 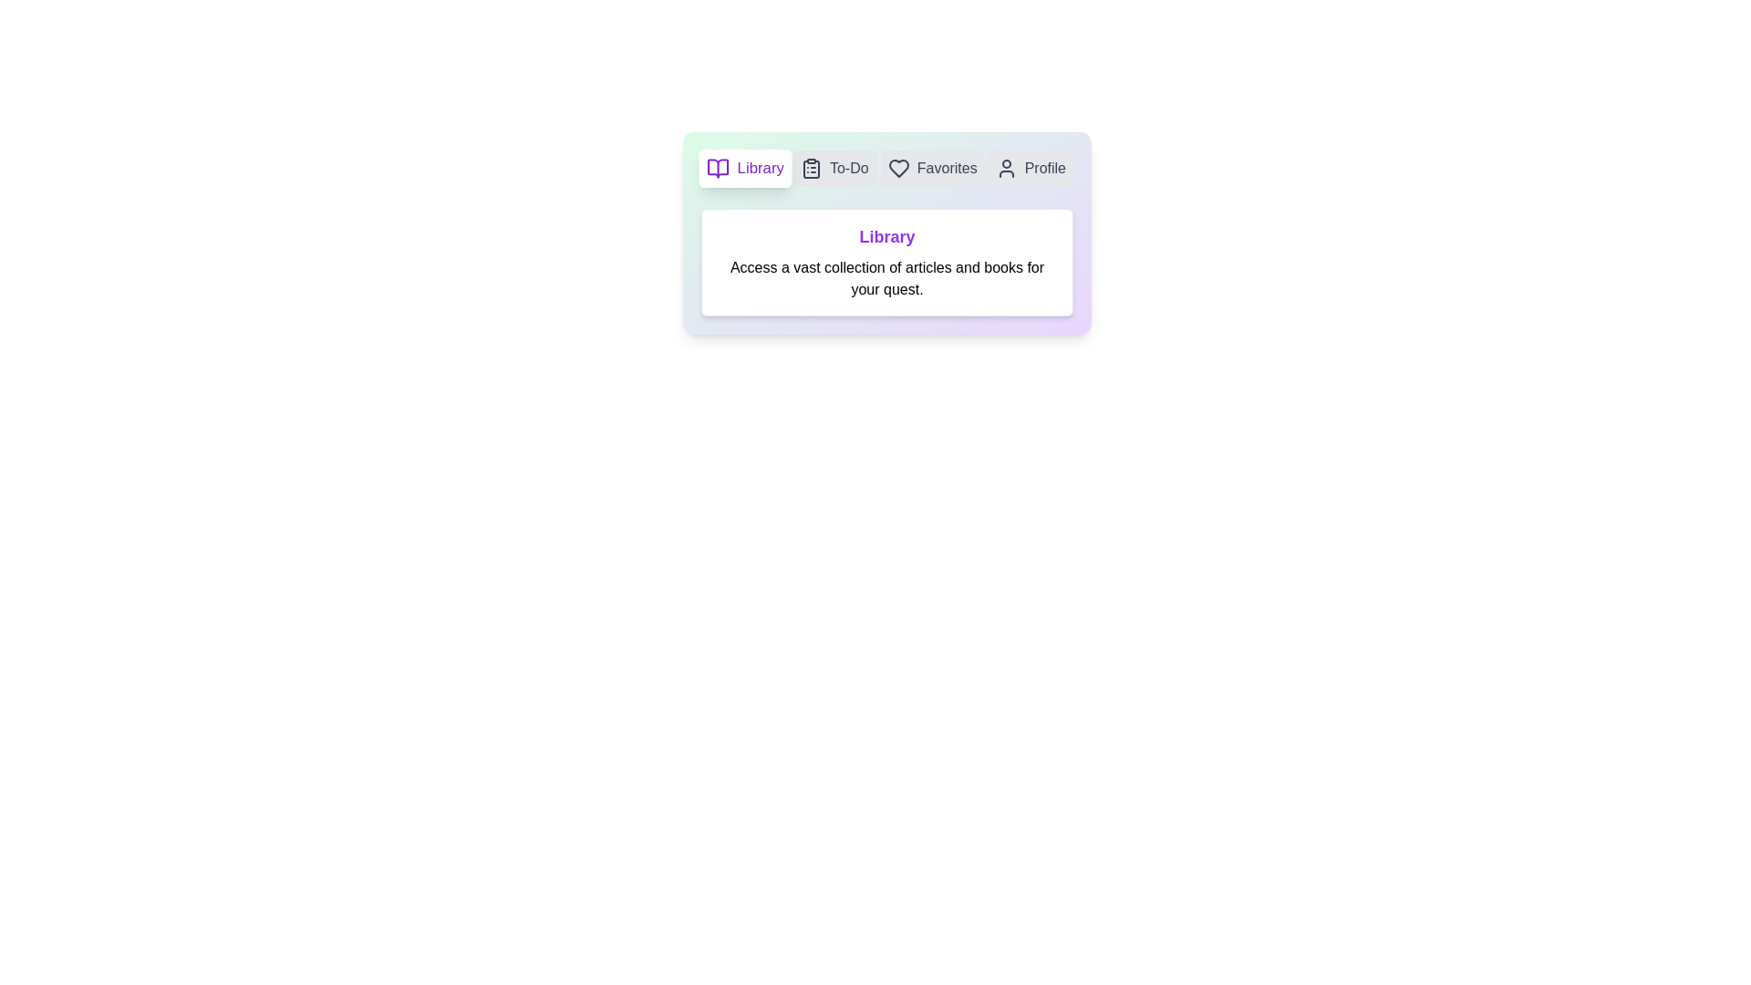 I want to click on the tab labeled Favorites to preview its interactive state, so click(x=932, y=169).